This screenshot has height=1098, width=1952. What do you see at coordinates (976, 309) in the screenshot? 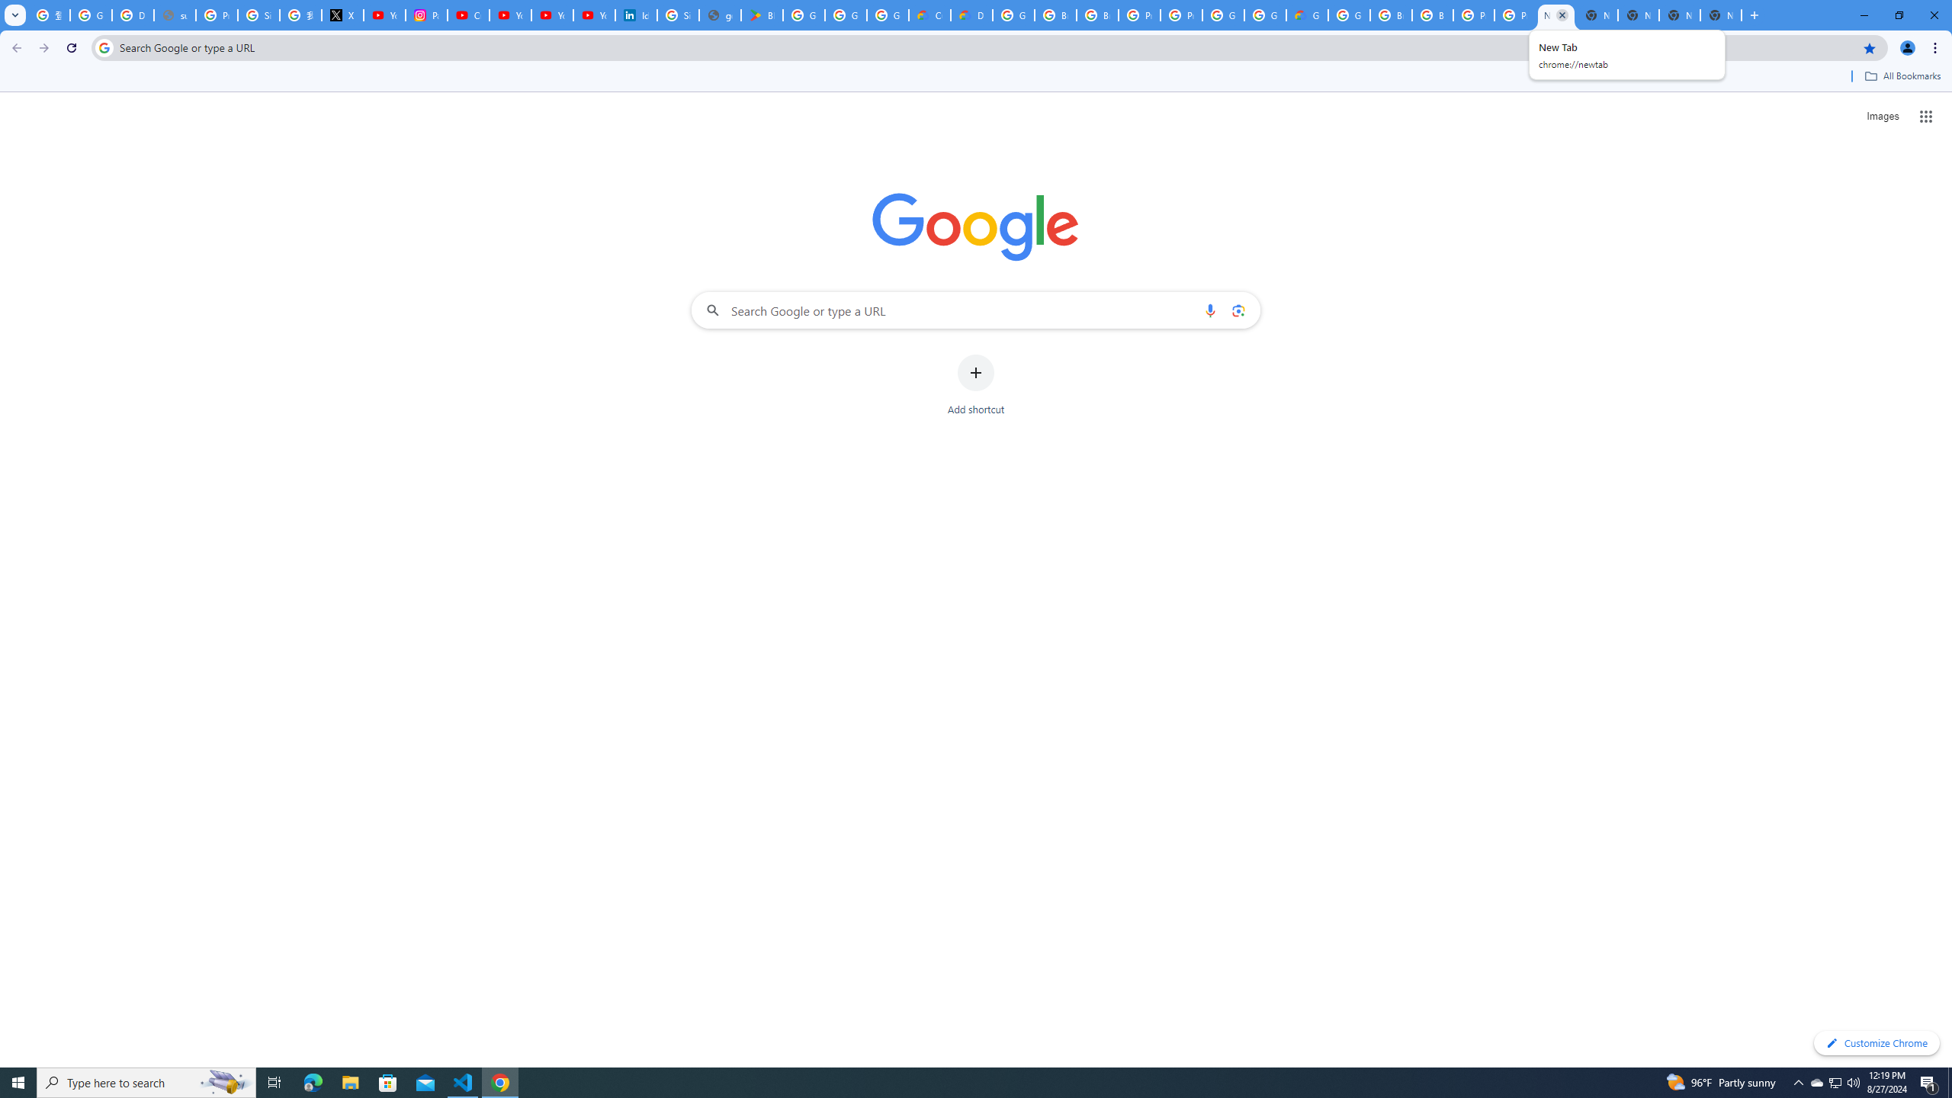
I see `'Search Google or type a URL'` at bounding box center [976, 309].